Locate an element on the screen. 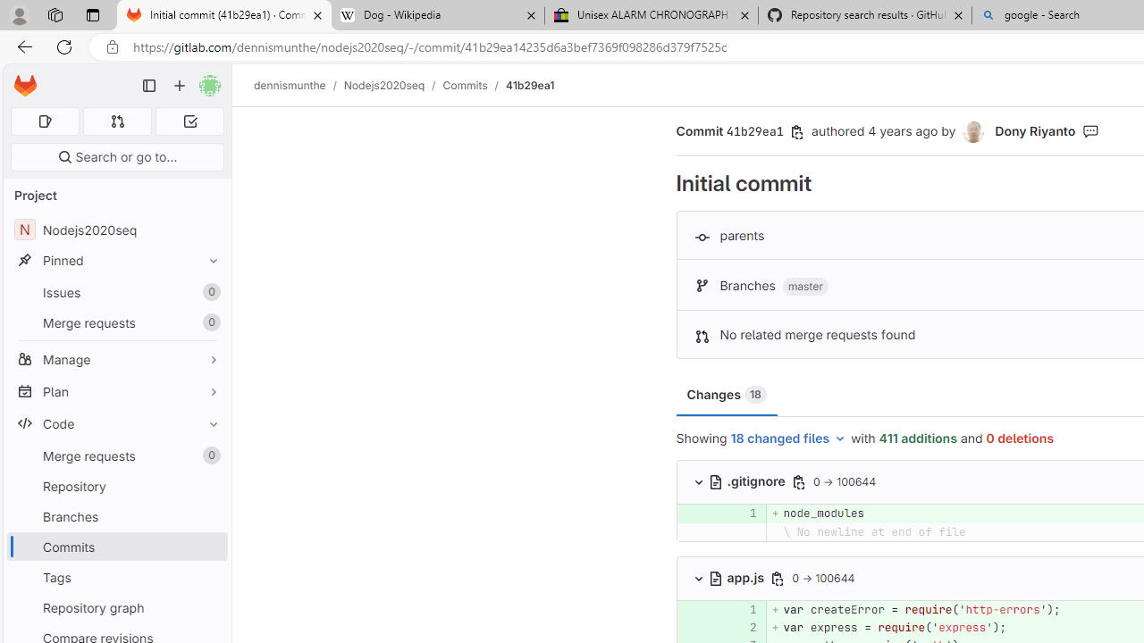 Image resolution: width=1144 pixels, height=643 pixels. 'Commits' is located at coordinates (465, 85).